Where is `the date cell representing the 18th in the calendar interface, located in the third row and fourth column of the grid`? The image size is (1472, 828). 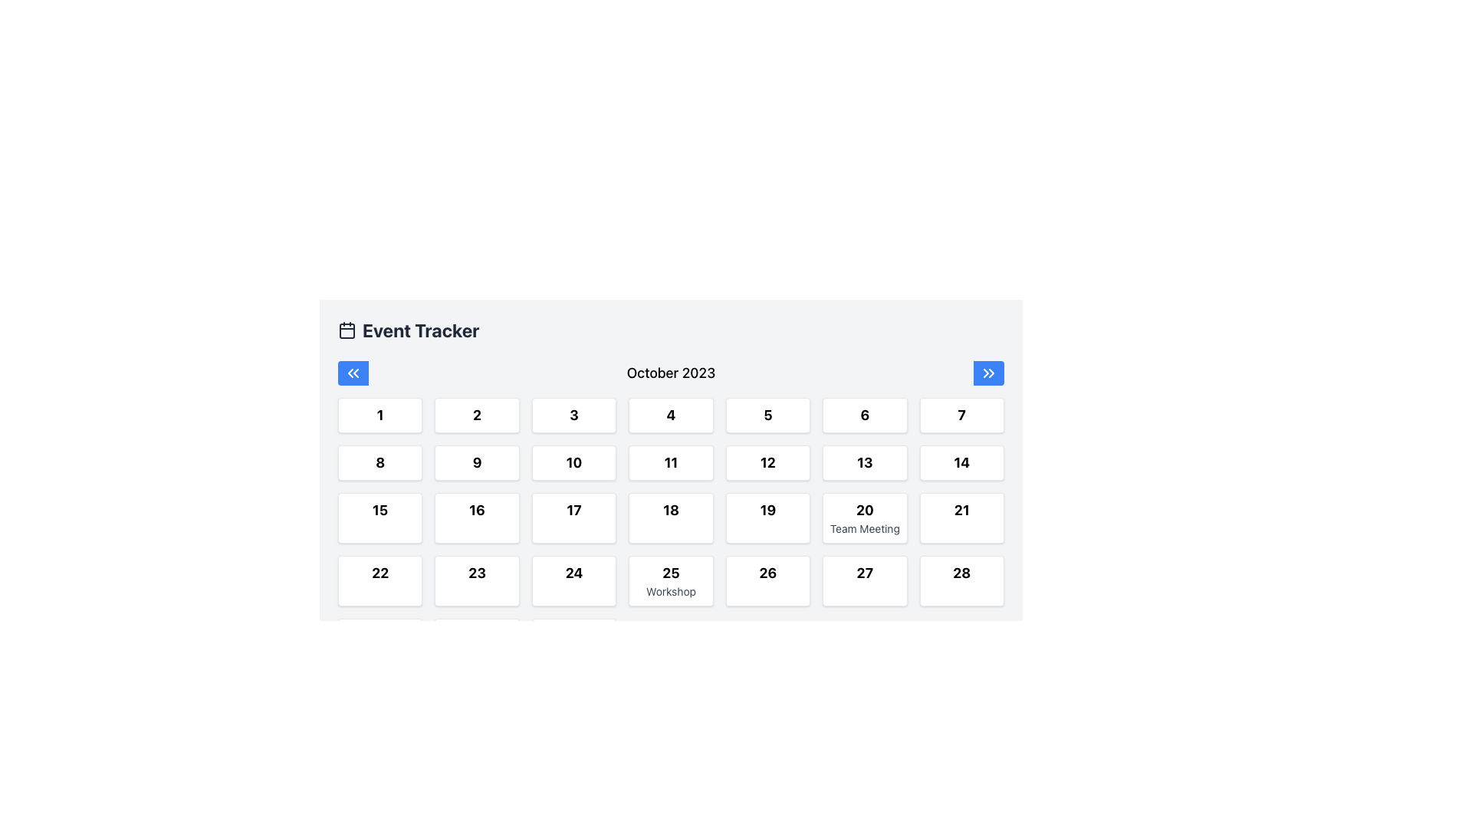 the date cell representing the 18th in the calendar interface, located in the third row and fourth column of the grid is located at coordinates (671, 517).